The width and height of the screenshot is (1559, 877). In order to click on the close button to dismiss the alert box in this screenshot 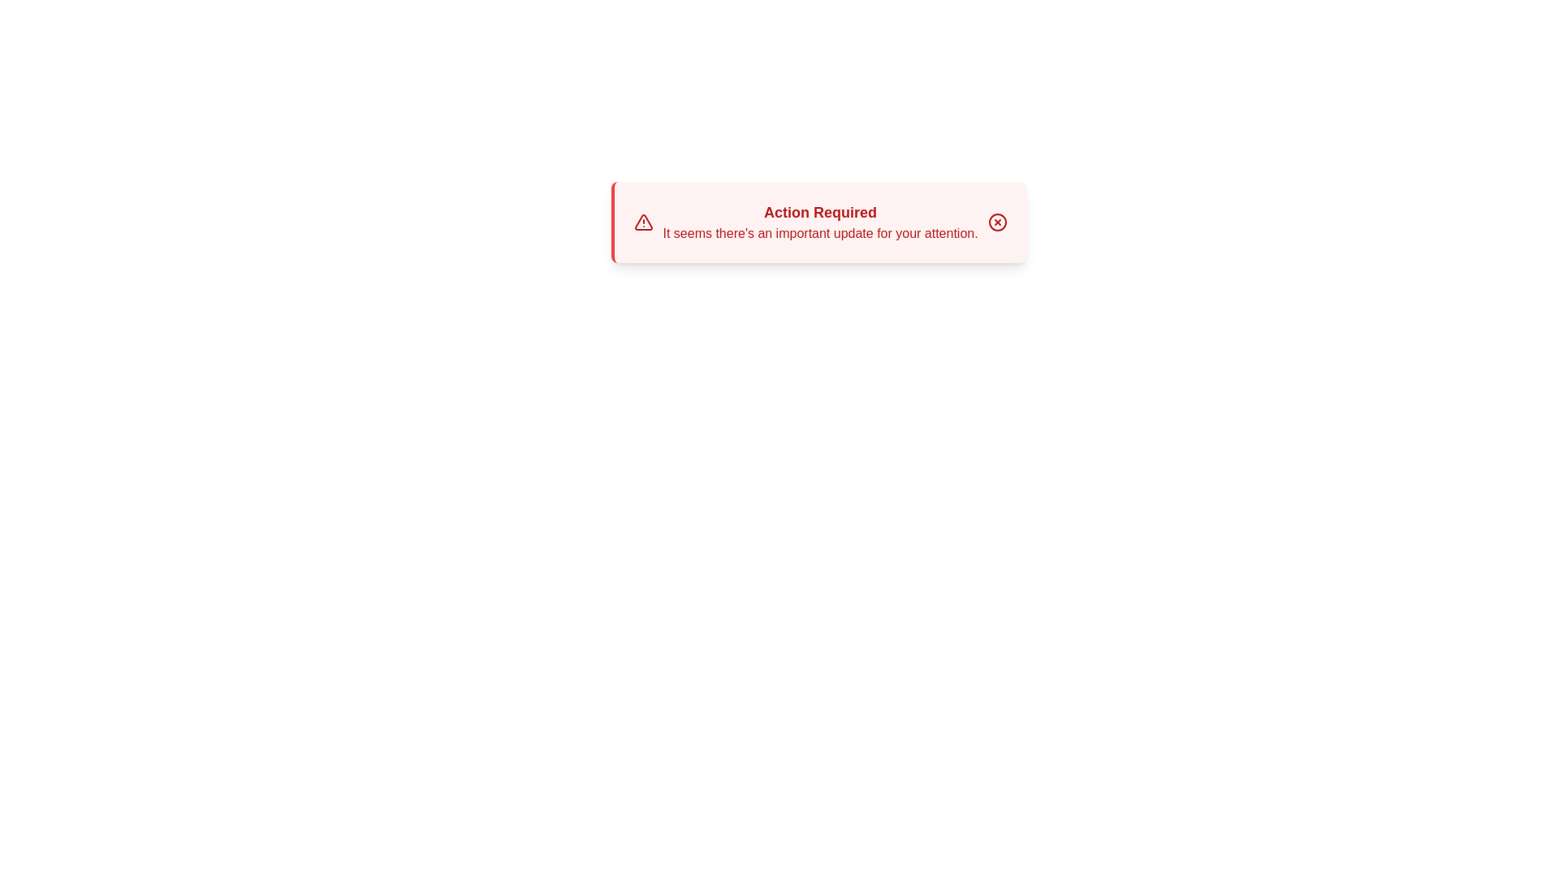, I will do `click(996, 222)`.